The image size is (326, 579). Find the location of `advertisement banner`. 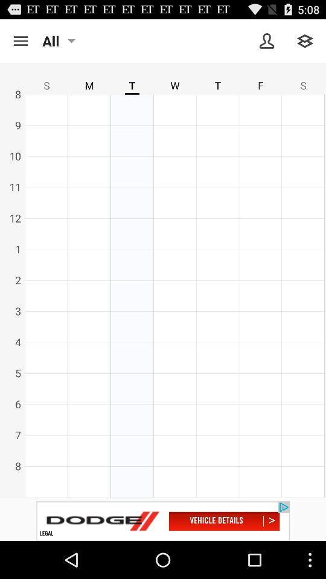

advertisement banner is located at coordinates (163, 520).